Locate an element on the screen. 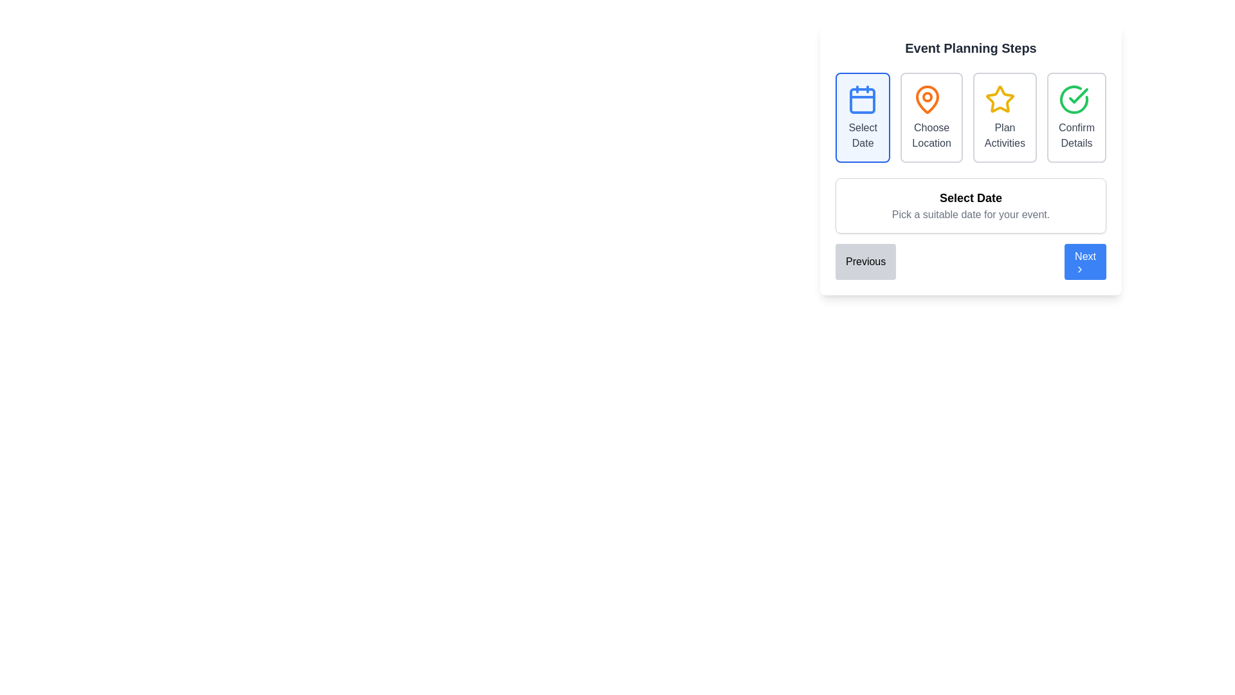  the right-pointing chevron icon located inside the 'Next' button at the bottom-right corner of the interface is located at coordinates (1080, 269).